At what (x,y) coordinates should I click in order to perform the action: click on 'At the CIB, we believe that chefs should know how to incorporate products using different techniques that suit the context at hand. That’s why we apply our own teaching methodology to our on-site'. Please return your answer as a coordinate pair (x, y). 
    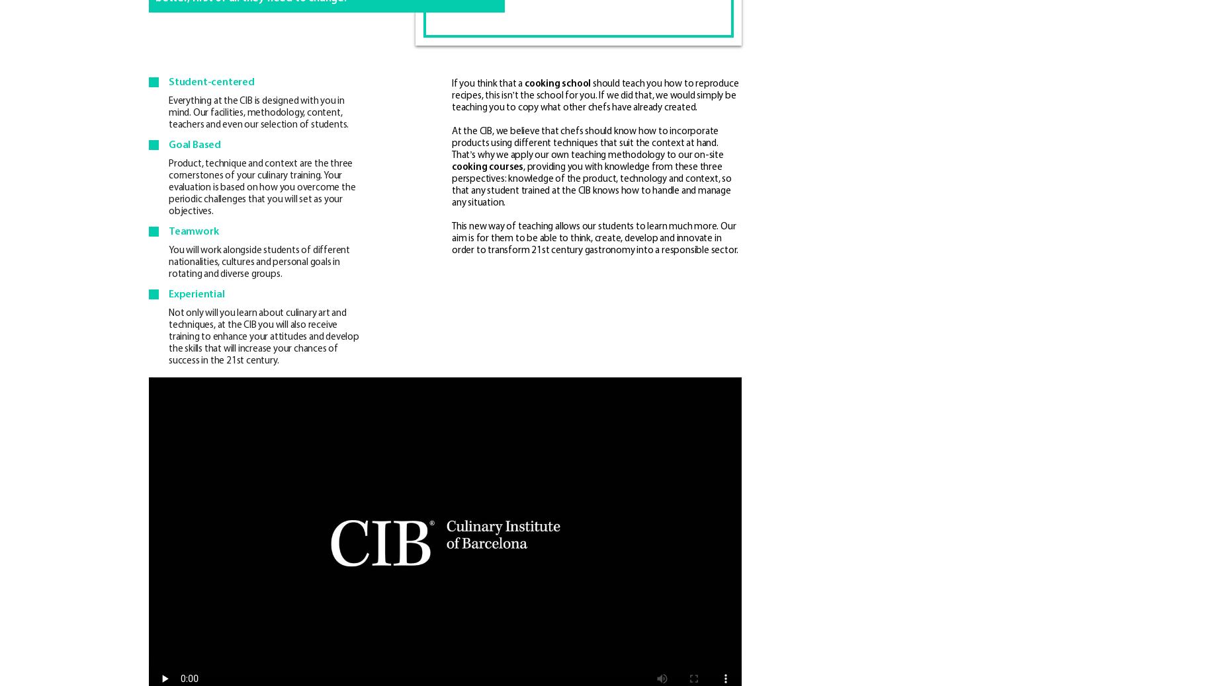
    Looking at the image, I should click on (452, 142).